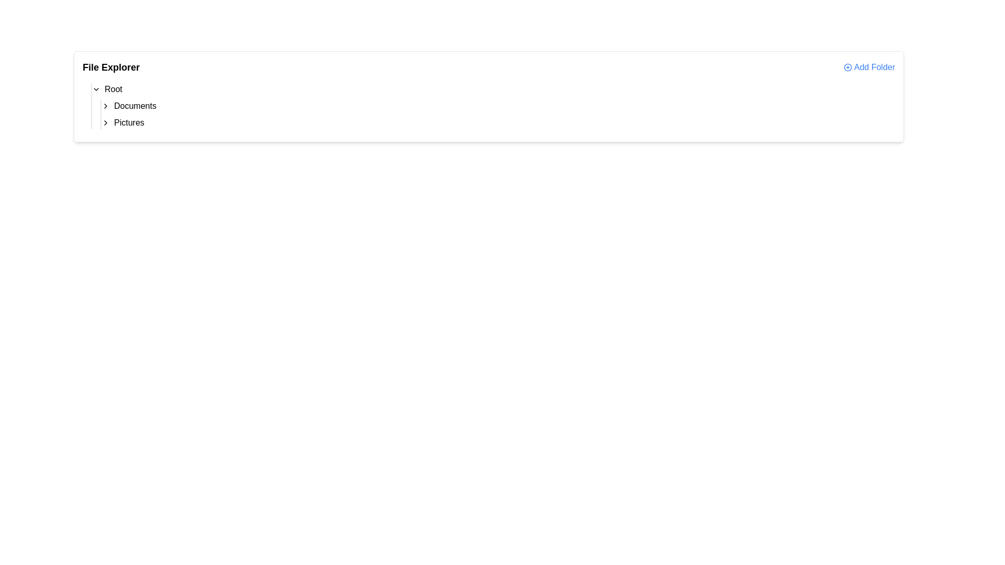 This screenshot has width=1005, height=565. Describe the element at coordinates (96, 88) in the screenshot. I see `the downward chevron dropdown indicator icon located to the left of the 'Root' label in the hierarchical file explorer interface` at that location.